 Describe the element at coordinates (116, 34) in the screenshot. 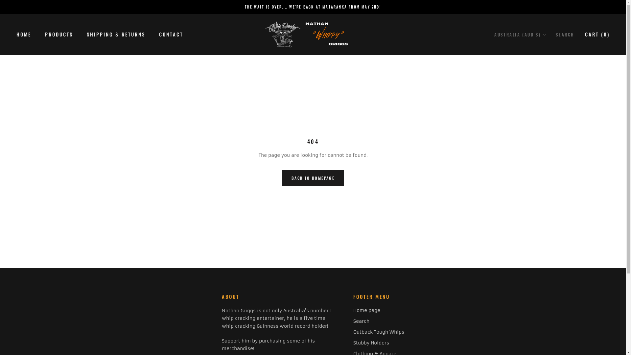

I see `'SHIPPING & RETURNS` at that location.